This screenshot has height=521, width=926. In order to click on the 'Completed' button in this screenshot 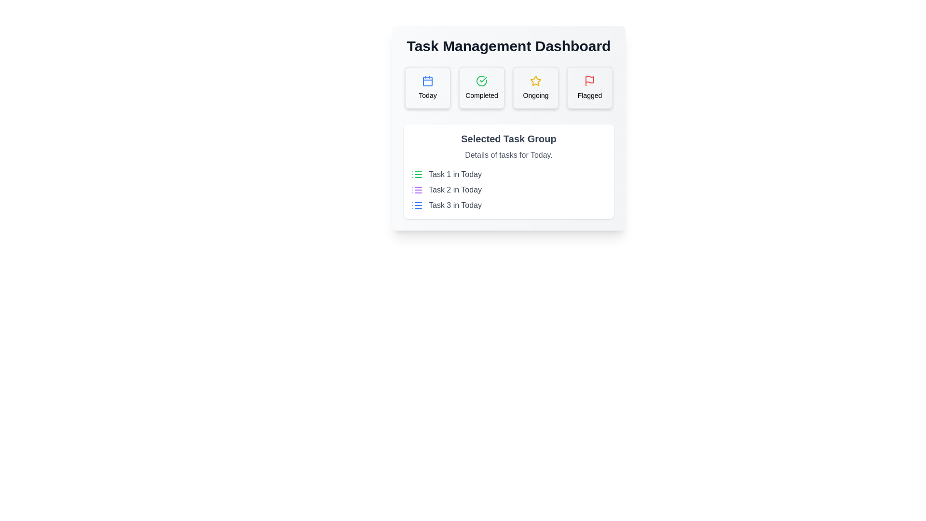, I will do `click(481, 87)`.